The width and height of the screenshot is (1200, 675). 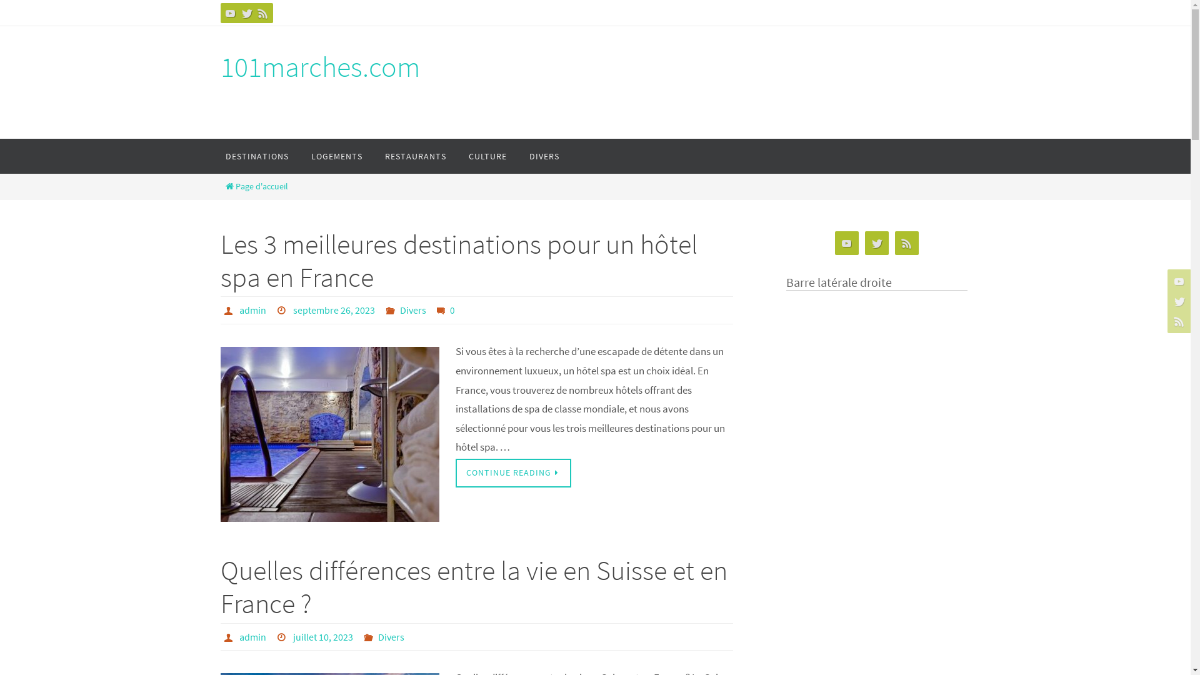 What do you see at coordinates (239, 637) in the screenshot?
I see `'admin'` at bounding box center [239, 637].